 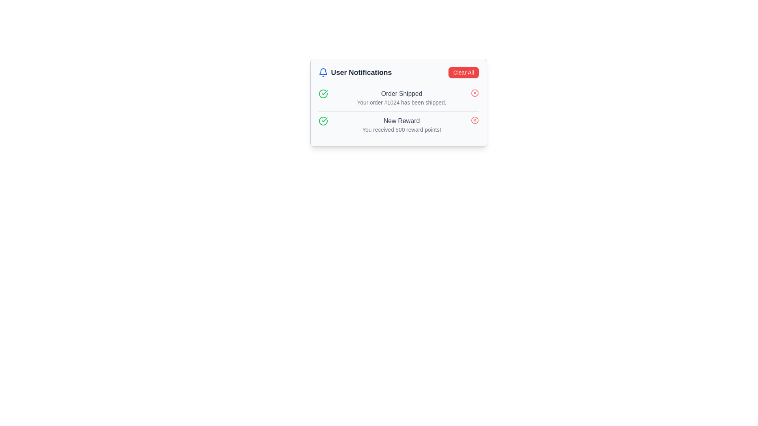 What do you see at coordinates (323, 121) in the screenshot?
I see `the success status icon located` at bounding box center [323, 121].